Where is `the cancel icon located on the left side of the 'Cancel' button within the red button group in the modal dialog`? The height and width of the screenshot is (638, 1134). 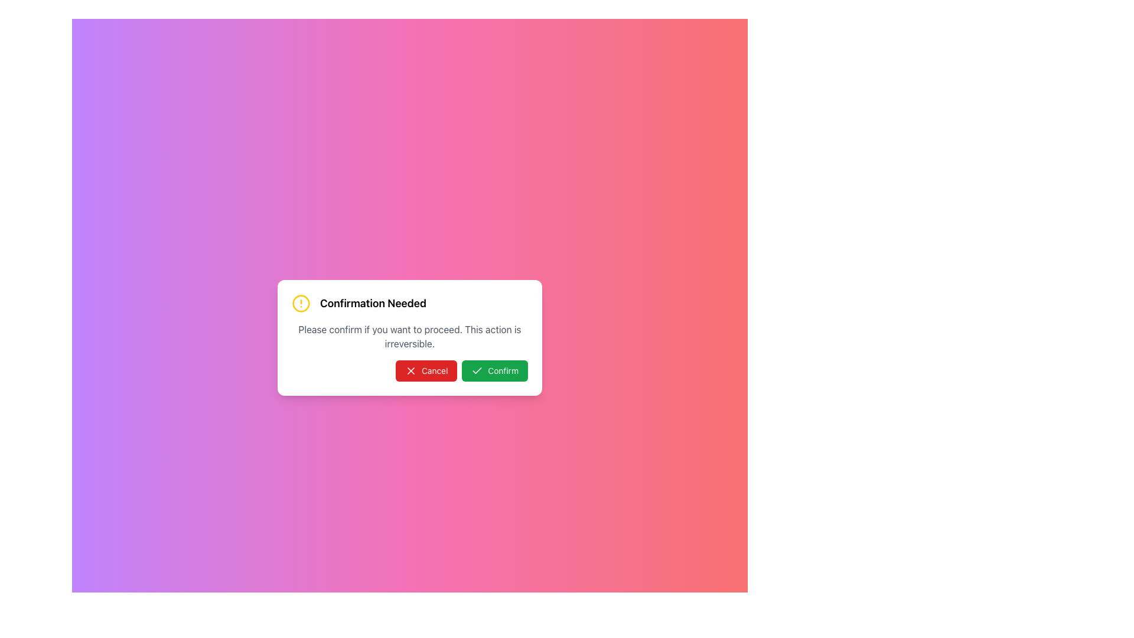
the cancel icon located on the left side of the 'Cancel' button within the red button group in the modal dialog is located at coordinates (411, 370).